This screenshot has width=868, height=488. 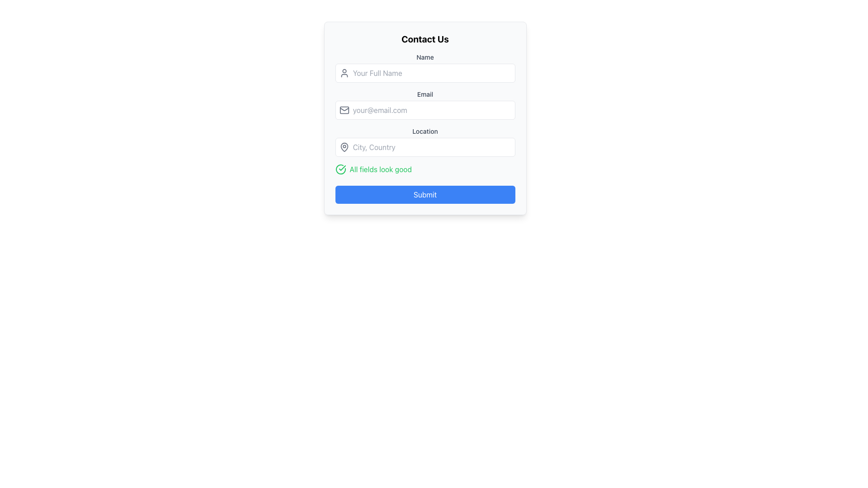 I want to click on the green circular icon with a checkmark that indicates success, located to the left of the 'All fields look good' text in the 'Contact Us' form, so click(x=340, y=169).